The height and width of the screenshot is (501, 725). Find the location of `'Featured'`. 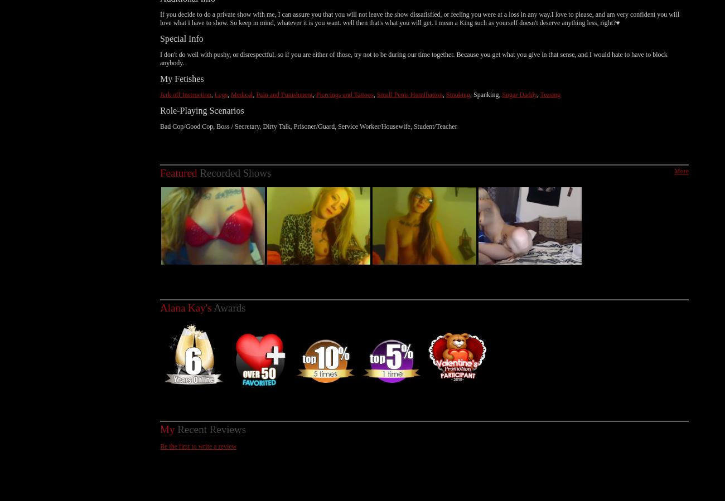

'Featured' is located at coordinates (178, 160).